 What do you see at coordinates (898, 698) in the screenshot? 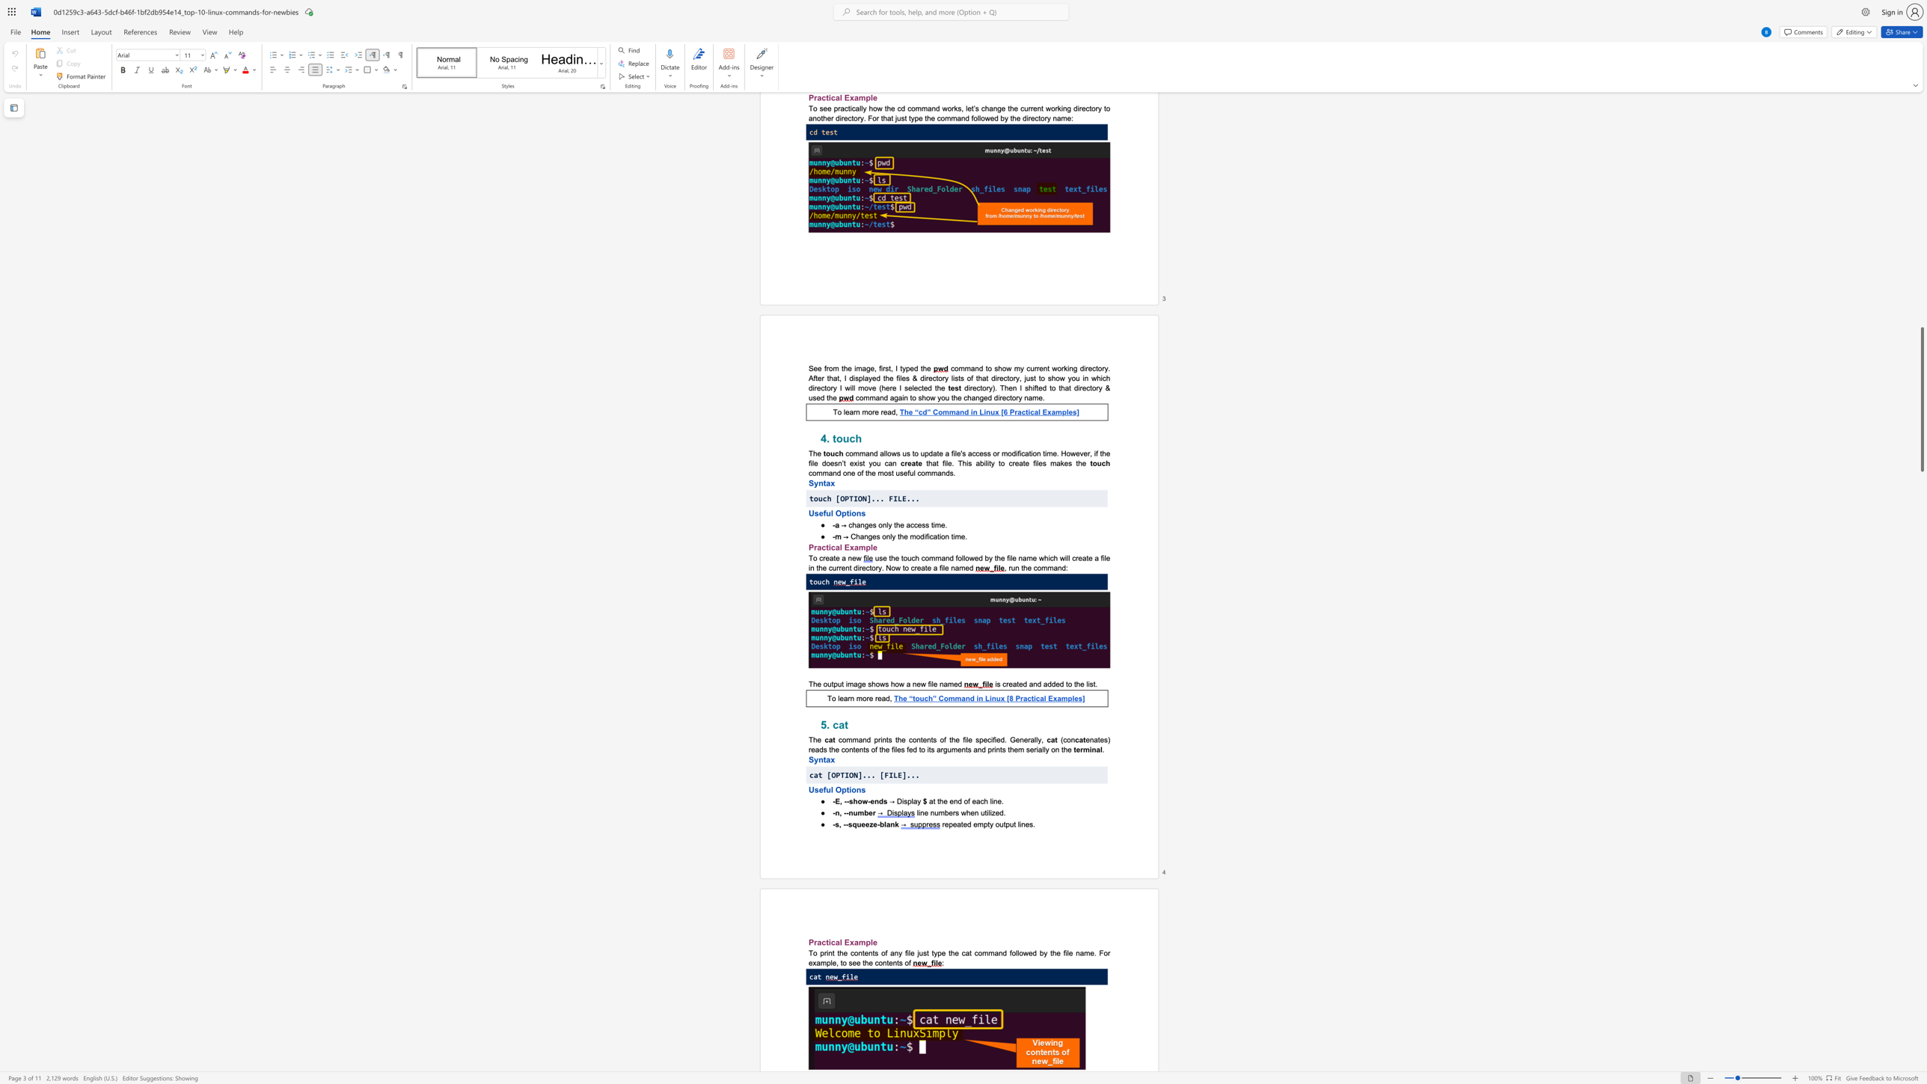
I see `the subset text "he “touch” Comm" within the text "The “touch” Command in Linux [8 Practical Examples]"` at bounding box center [898, 698].